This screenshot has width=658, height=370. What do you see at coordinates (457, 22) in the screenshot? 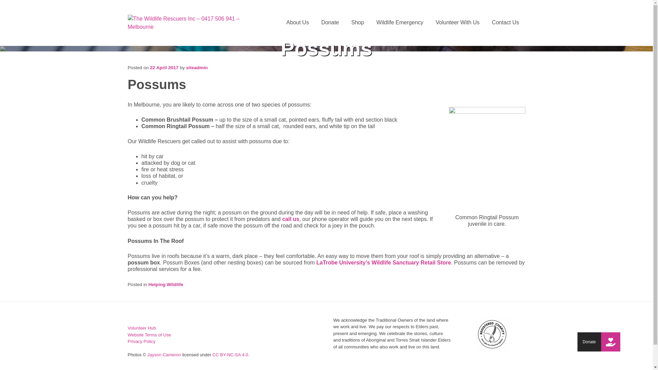
I see `'Volunteer With Us'` at bounding box center [457, 22].